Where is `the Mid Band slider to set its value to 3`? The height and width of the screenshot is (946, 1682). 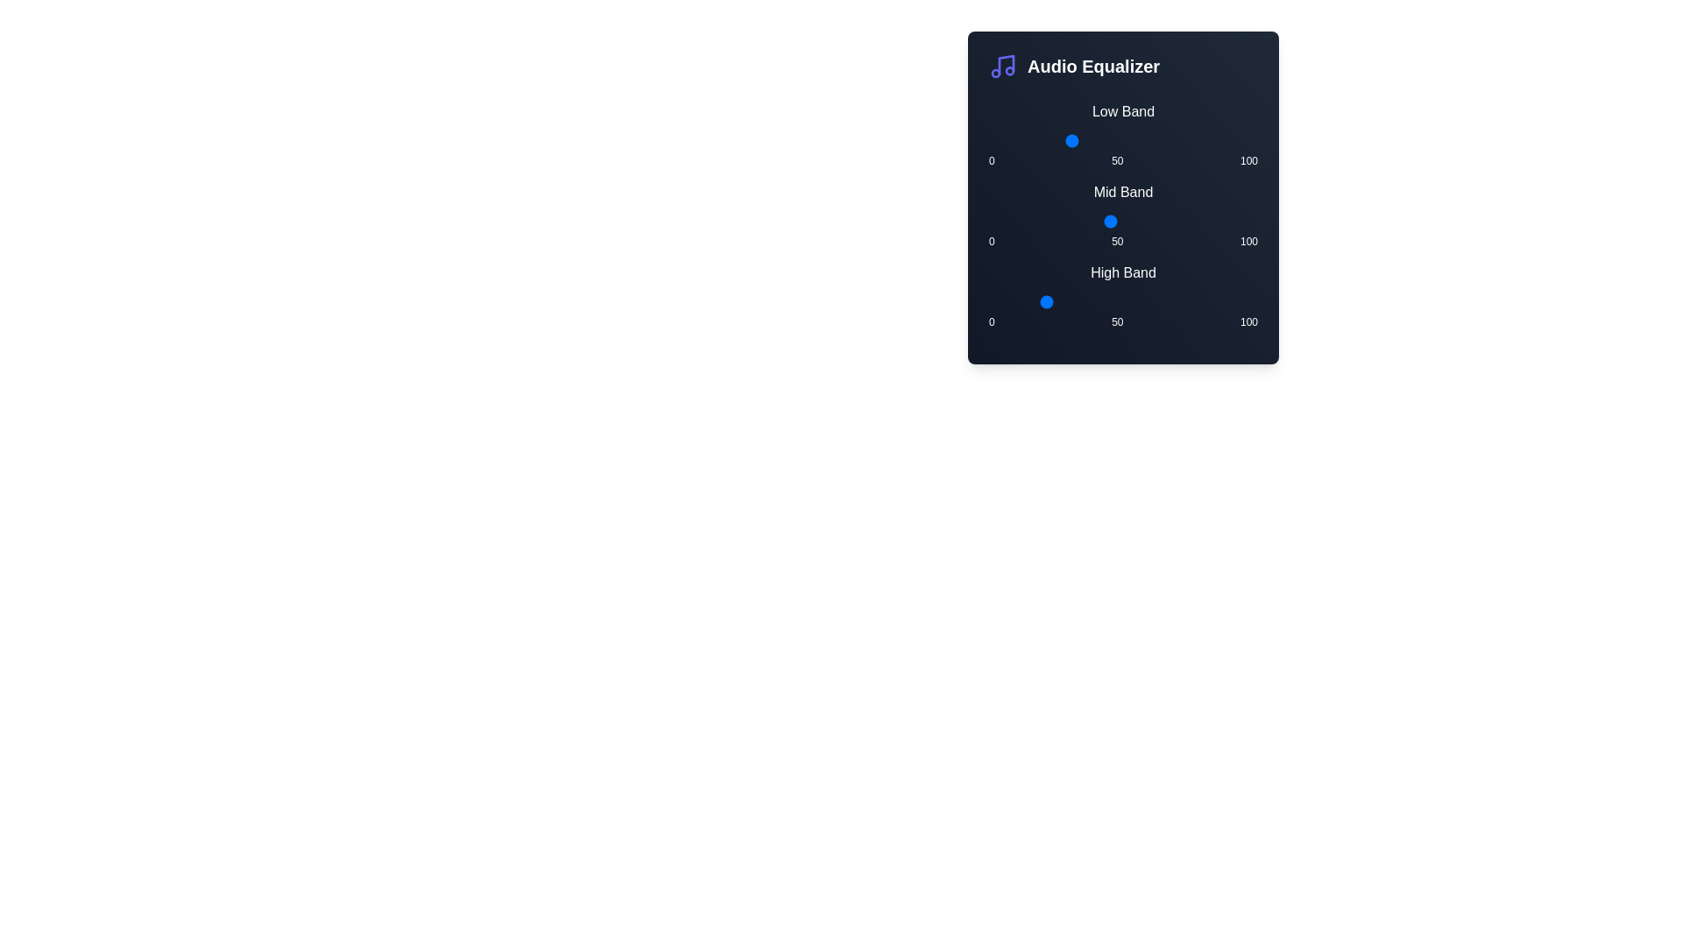
the Mid Band slider to set its value to 3 is located at coordinates (997, 221).